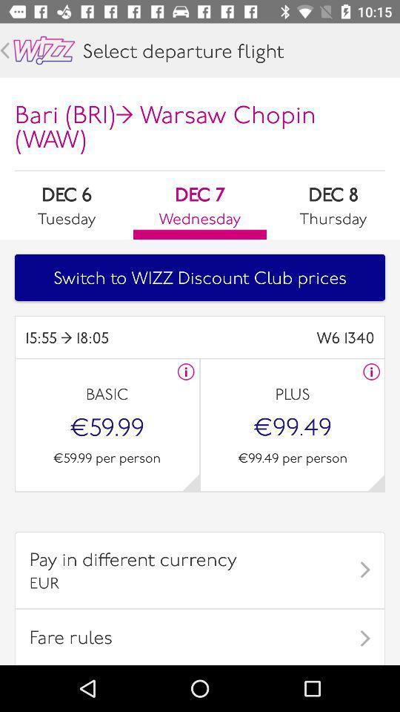  I want to click on return, so click(4, 50).